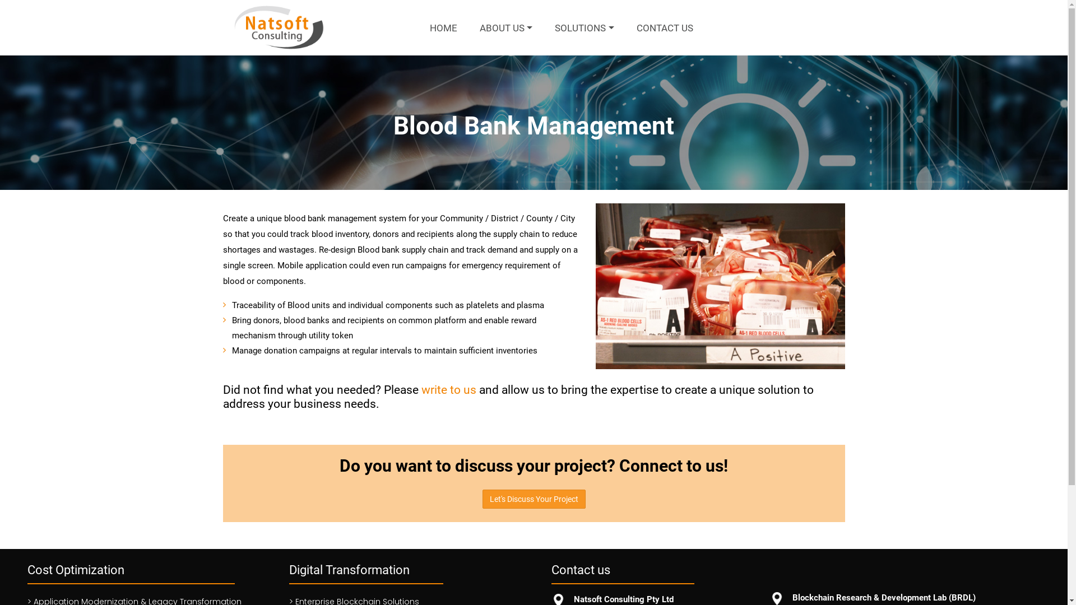  I want to click on 'ABOUT US', so click(505, 27).